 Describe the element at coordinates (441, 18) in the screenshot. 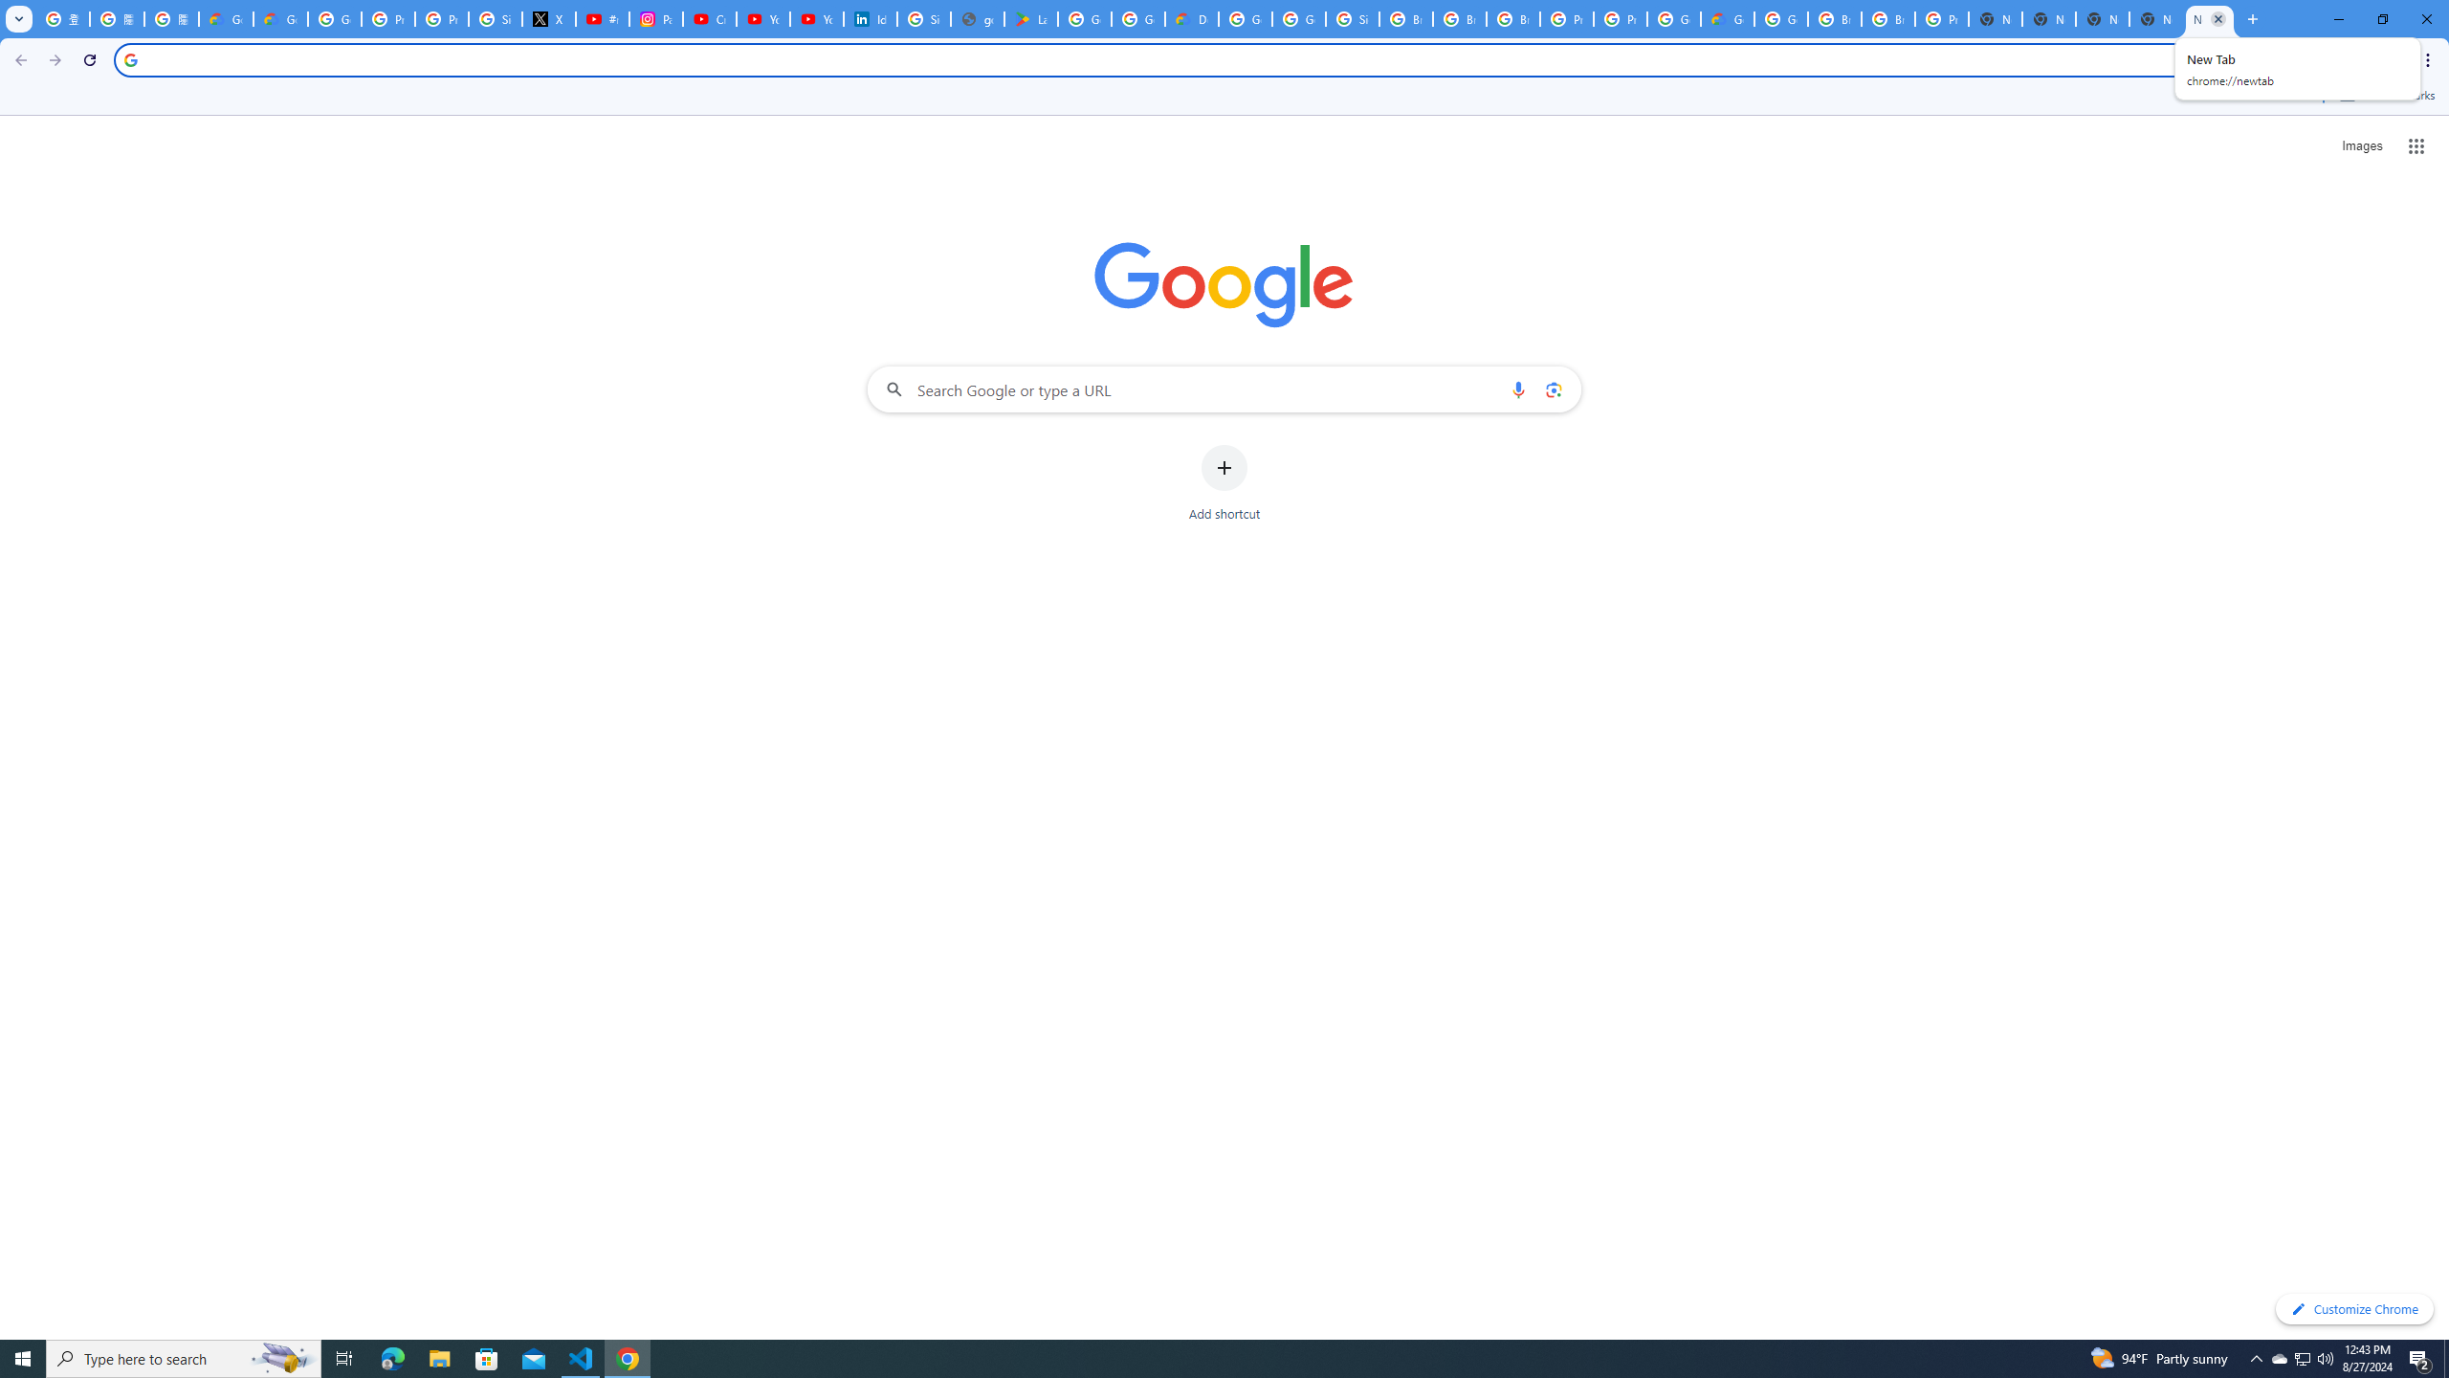

I see `'Privacy Help Center - Policies Help'` at that location.